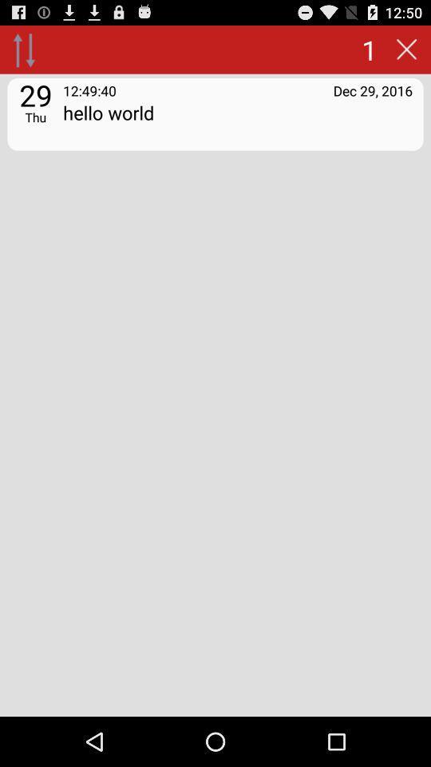 The width and height of the screenshot is (431, 767). Describe the element at coordinates (35, 116) in the screenshot. I see `the thu app` at that location.